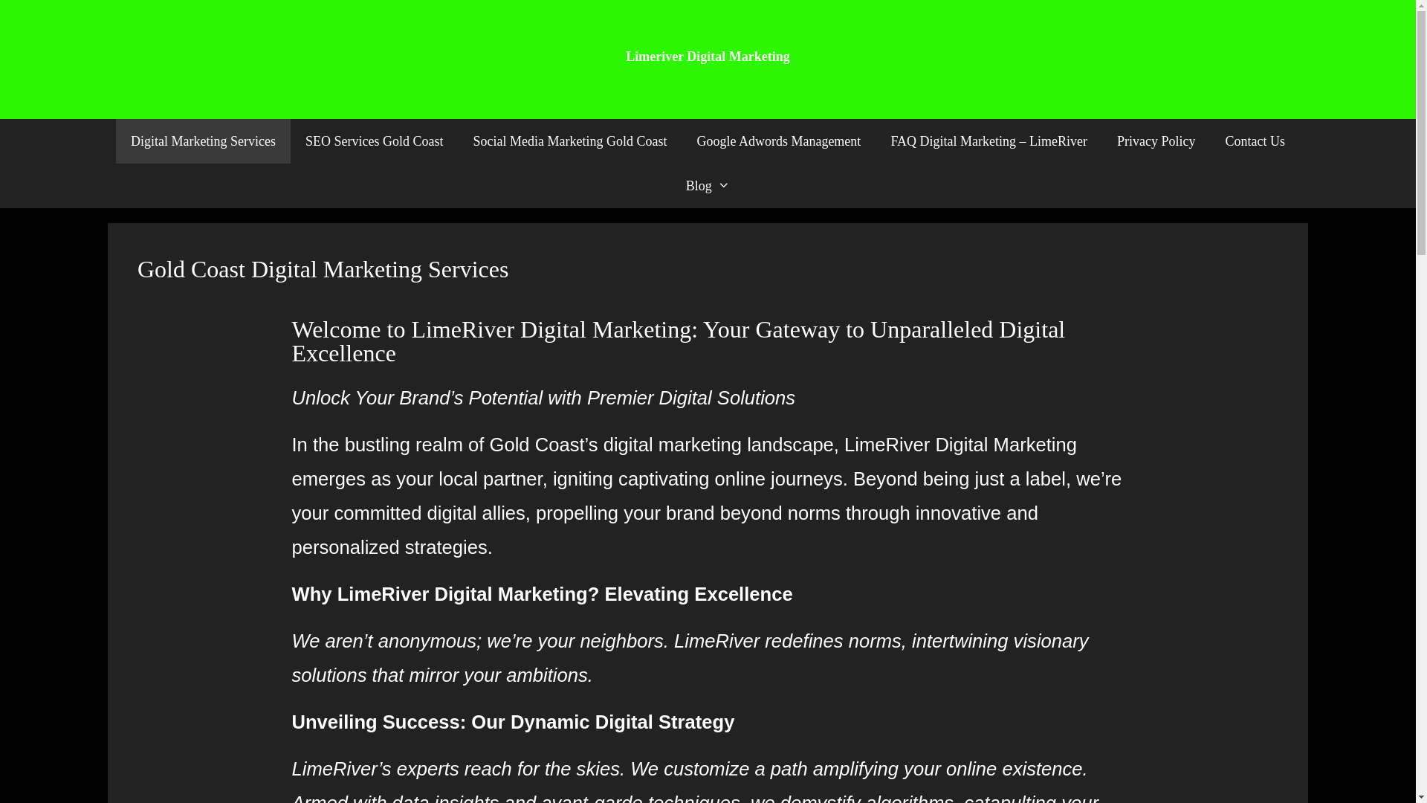 This screenshot has height=803, width=1427. Describe the element at coordinates (1102, 141) in the screenshot. I see `'Privacy Policy'` at that location.